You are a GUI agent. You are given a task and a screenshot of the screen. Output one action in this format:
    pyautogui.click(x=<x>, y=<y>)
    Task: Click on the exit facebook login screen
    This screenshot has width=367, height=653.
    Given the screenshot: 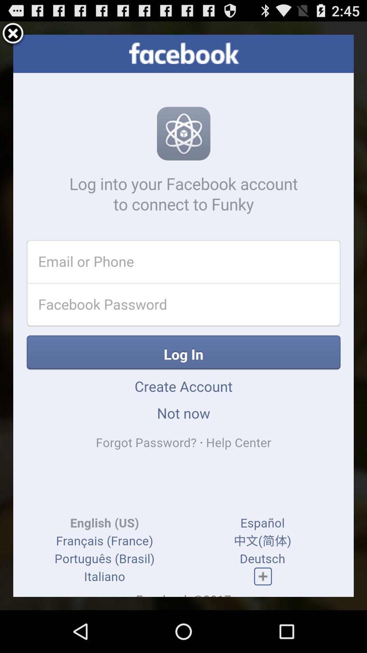 What is the action you would take?
    pyautogui.click(x=13, y=34)
    